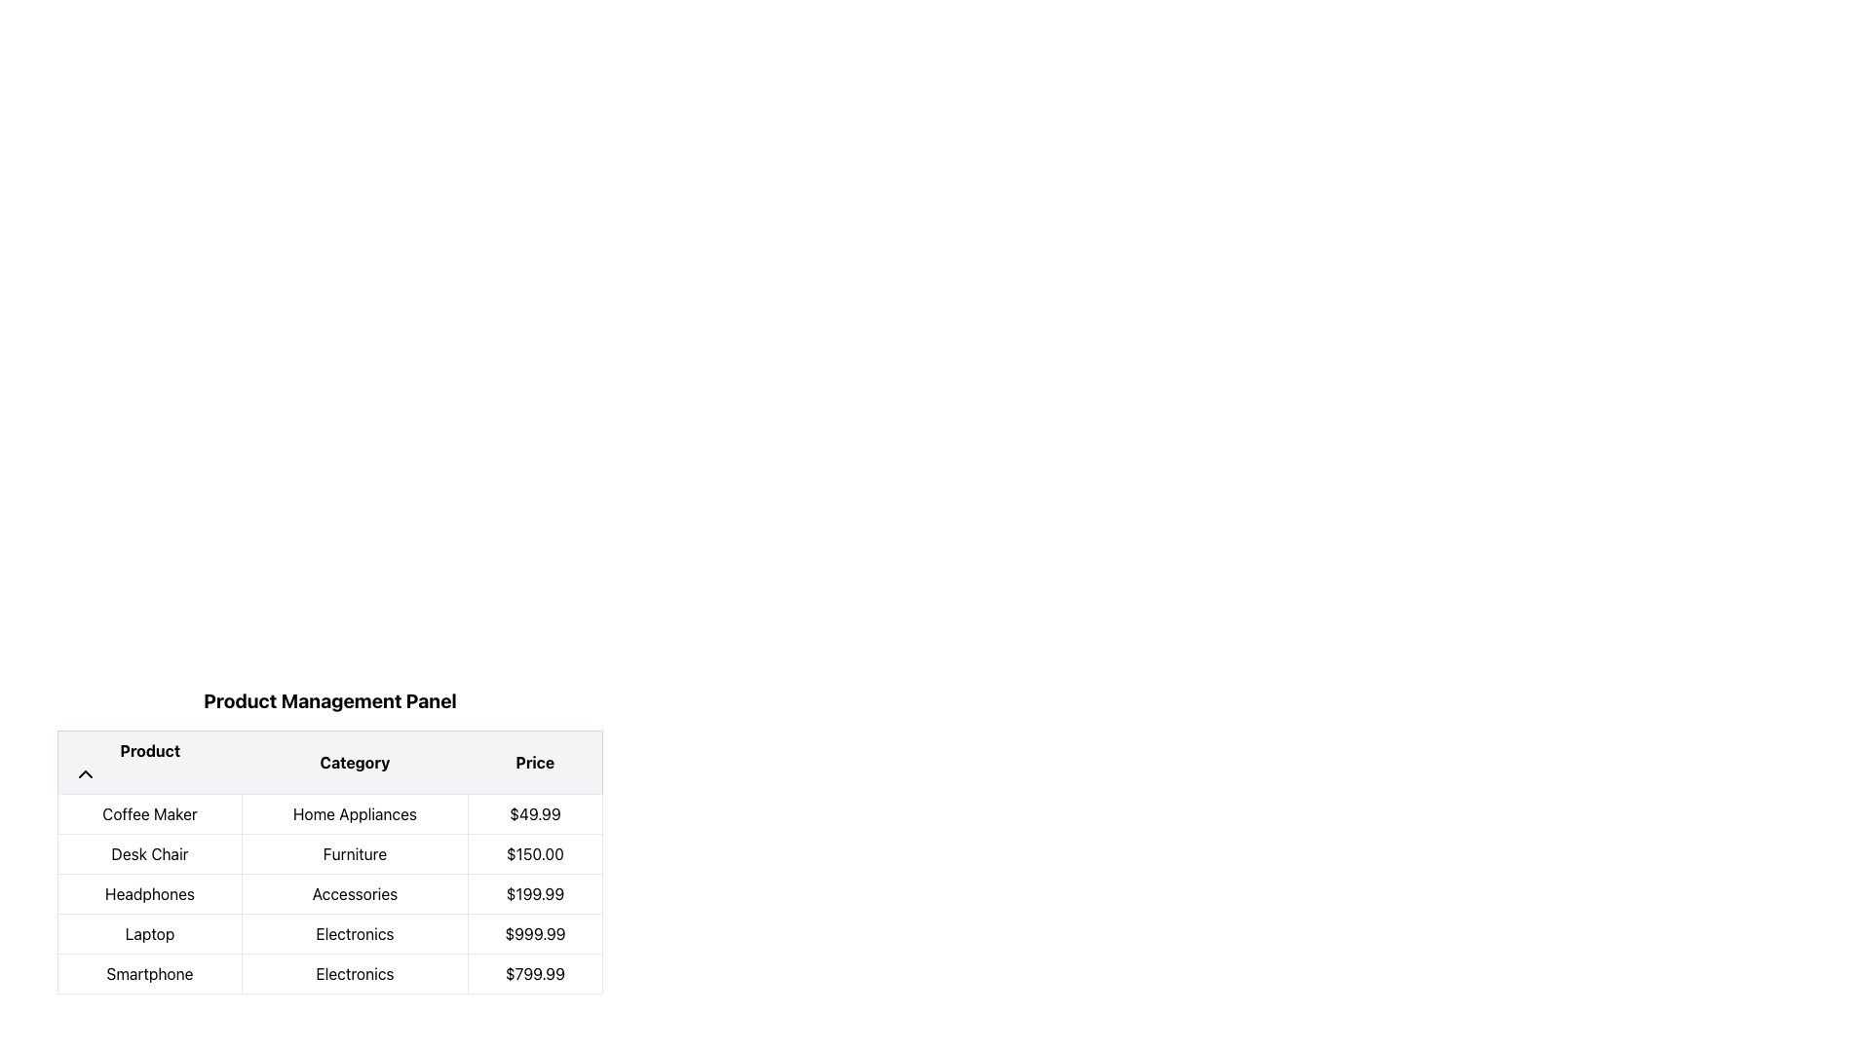  I want to click on the 'Laptop' text label in the second row of the table, which is centered and bordered, located in the first column, so click(148, 933).